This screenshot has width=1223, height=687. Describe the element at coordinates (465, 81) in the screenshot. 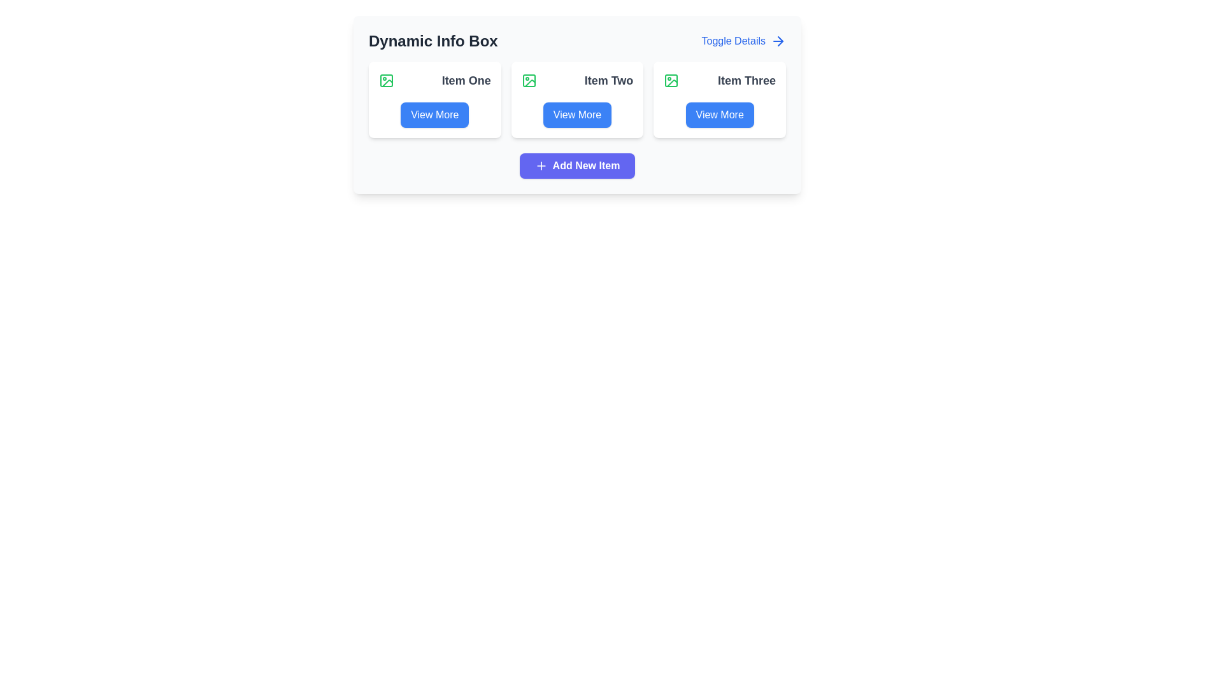

I see `the text label located in the leftmost card, positioned` at that location.